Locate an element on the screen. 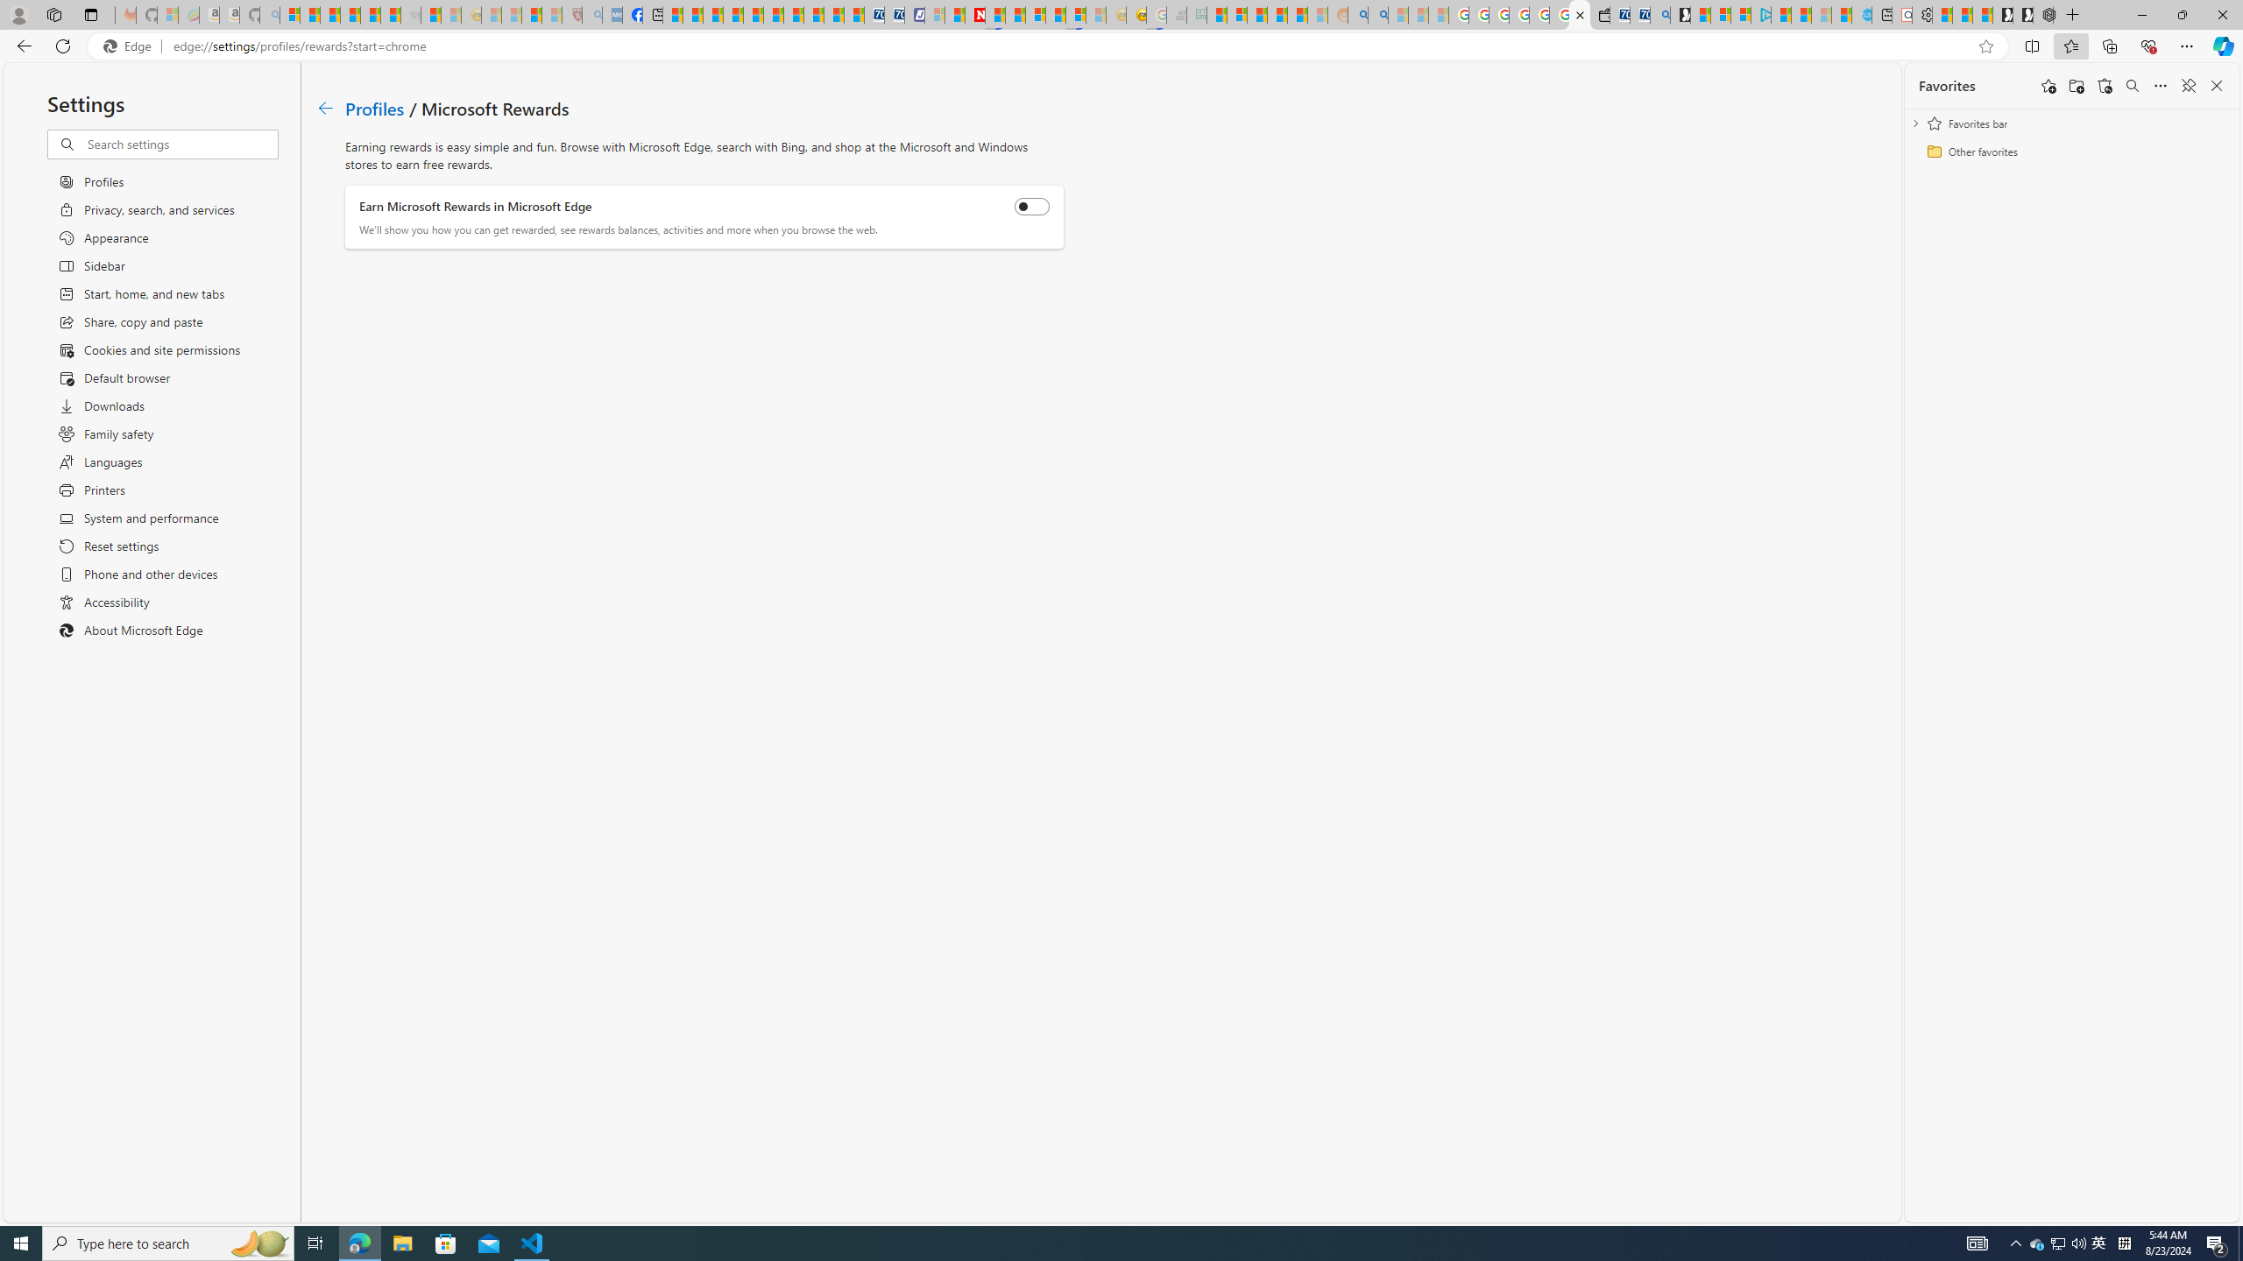 The width and height of the screenshot is (2243, 1261). 'Utah sues federal government - Search' is located at coordinates (1378, 14).